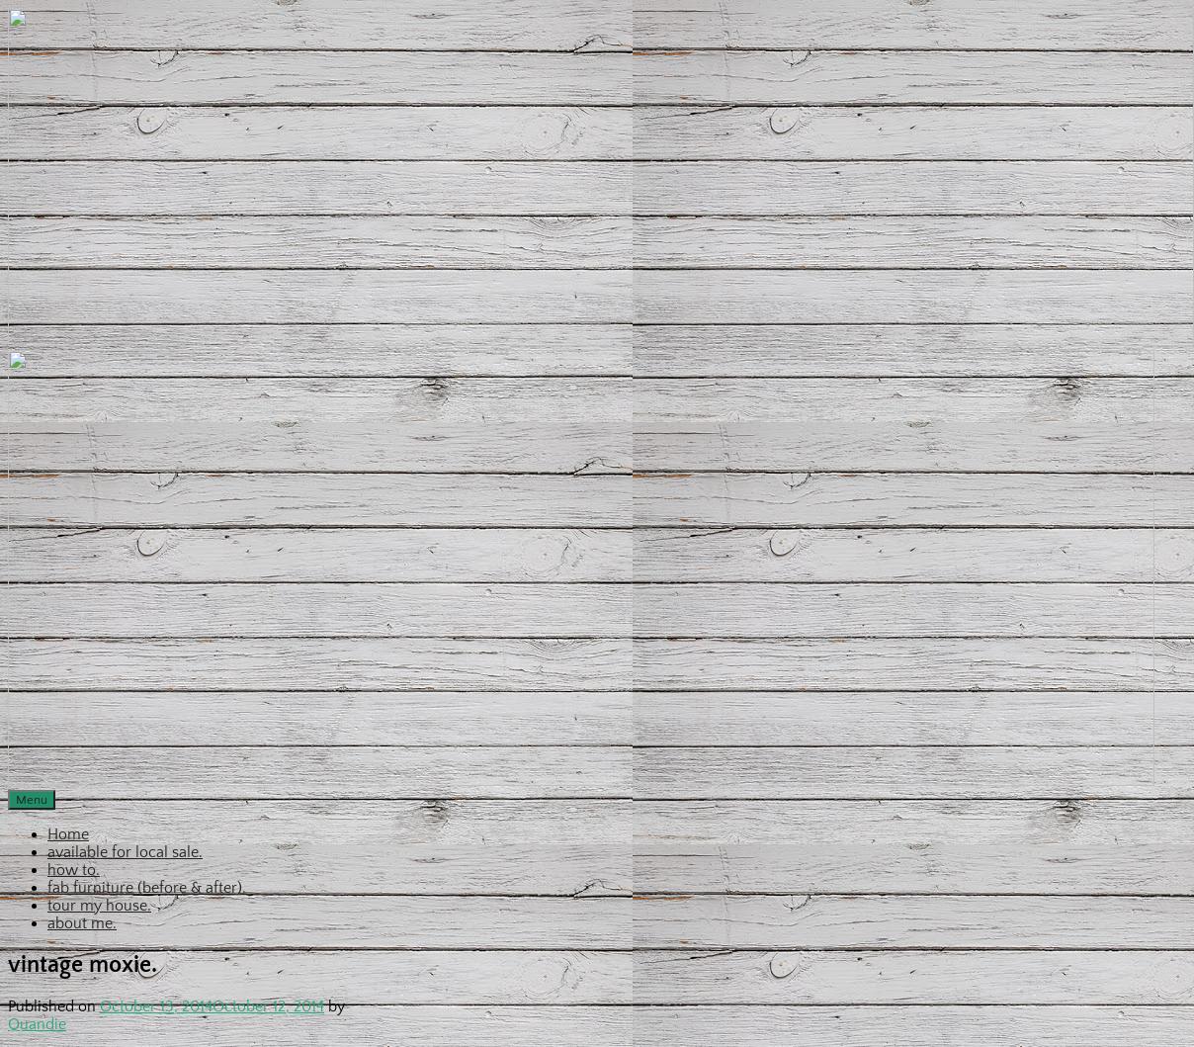 The width and height of the screenshot is (1194, 1047). What do you see at coordinates (145, 888) in the screenshot?
I see `'fab furniture (before & after).'` at bounding box center [145, 888].